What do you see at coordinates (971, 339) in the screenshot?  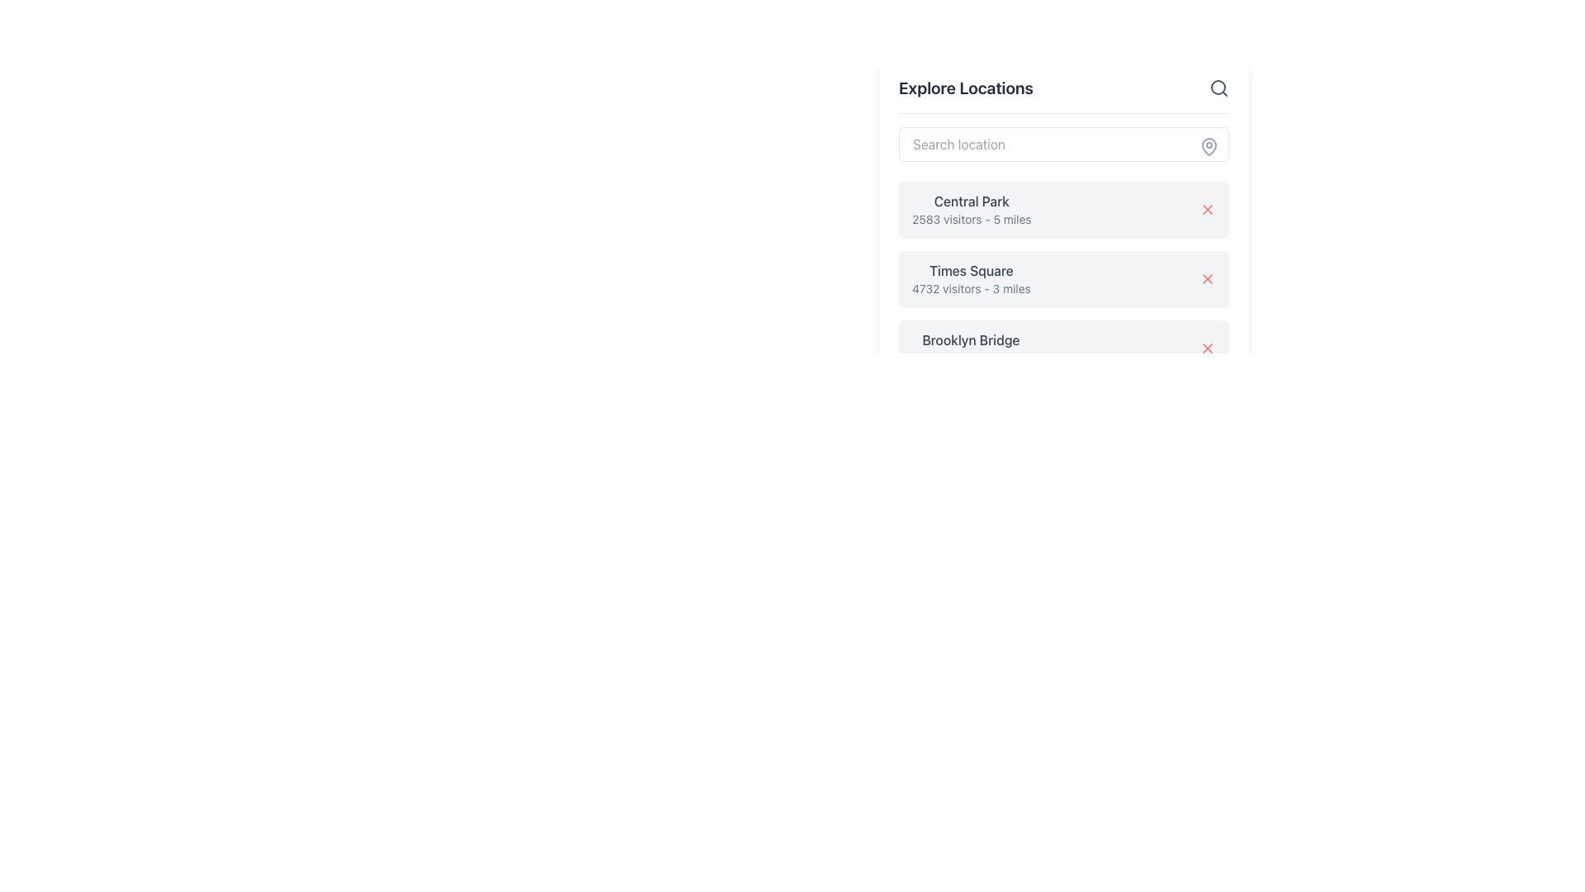 I see `text of the static label displaying 'Brooklyn Bridge', which is positioned under the heading 'Explore Locations' in a list-like interface` at bounding box center [971, 339].